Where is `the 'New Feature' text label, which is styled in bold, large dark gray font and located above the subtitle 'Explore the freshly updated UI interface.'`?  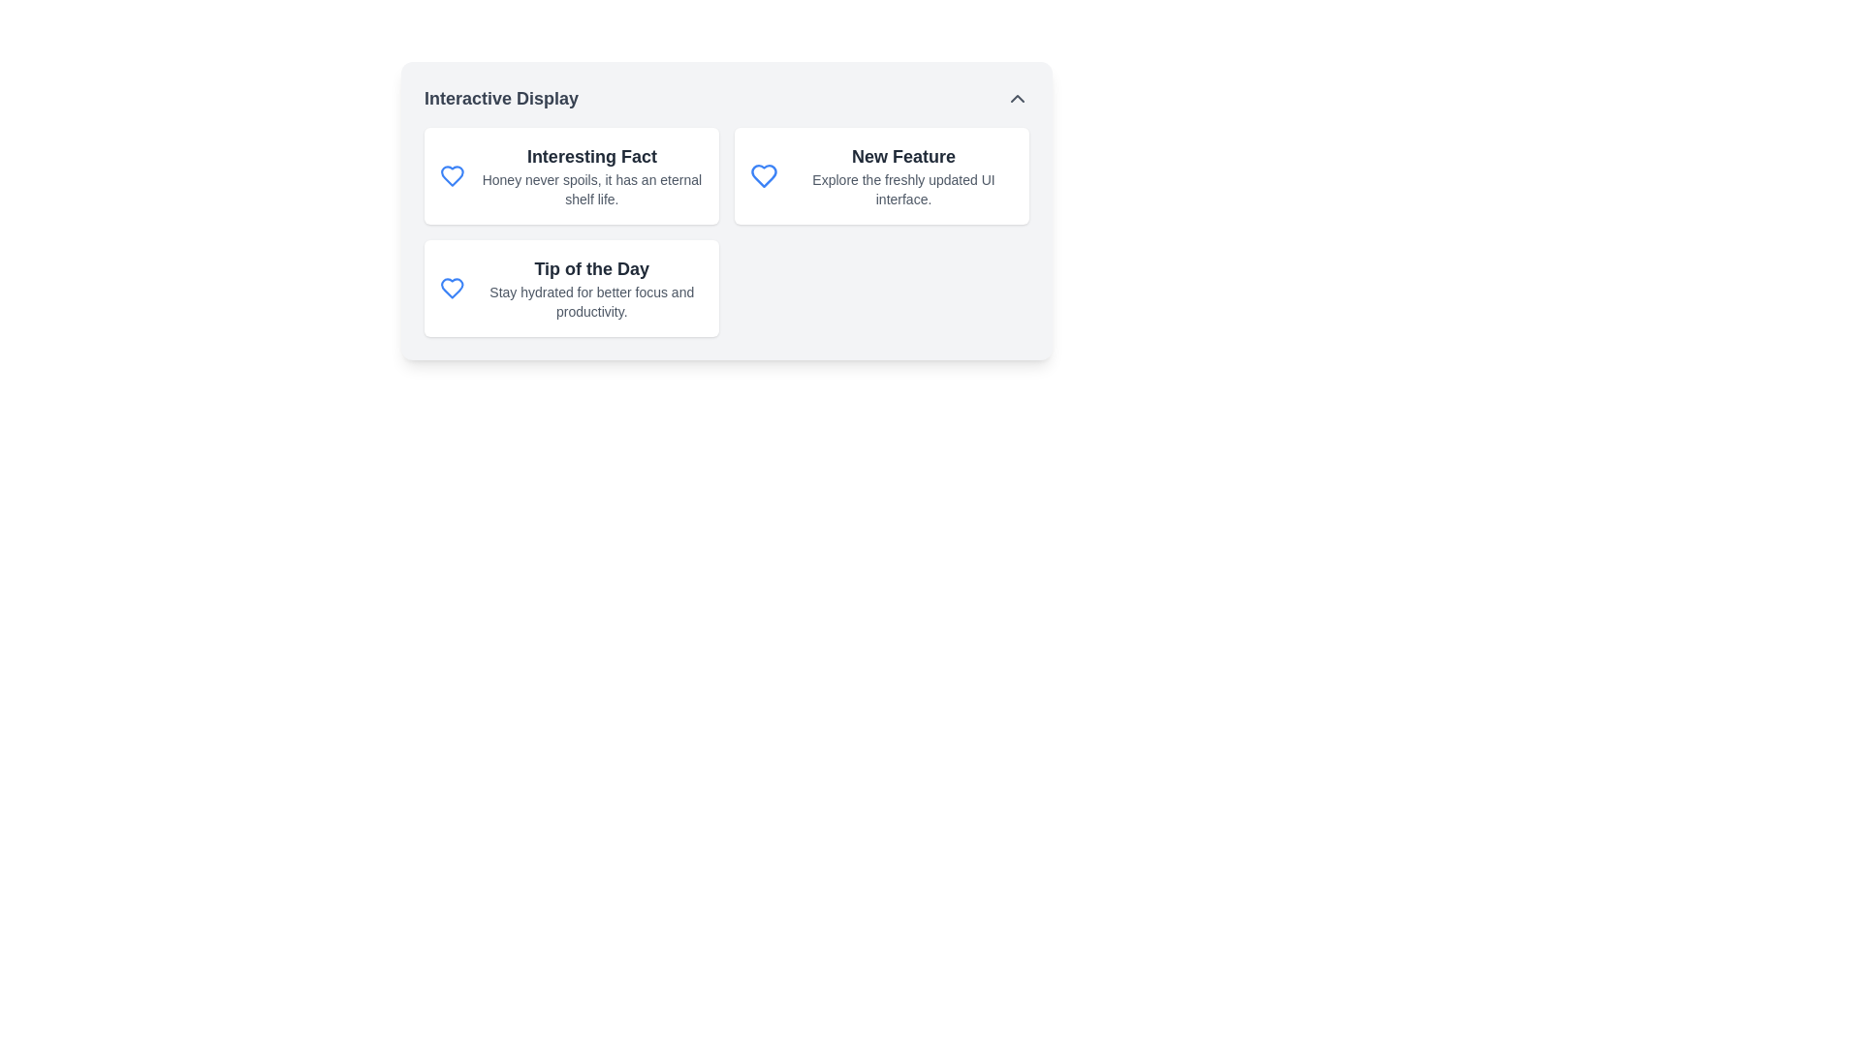 the 'New Feature' text label, which is styled in bold, large dark gray font and located above the subtitle 'Explore the freshly updated UI interface.' is located at coordinates (902, 156).